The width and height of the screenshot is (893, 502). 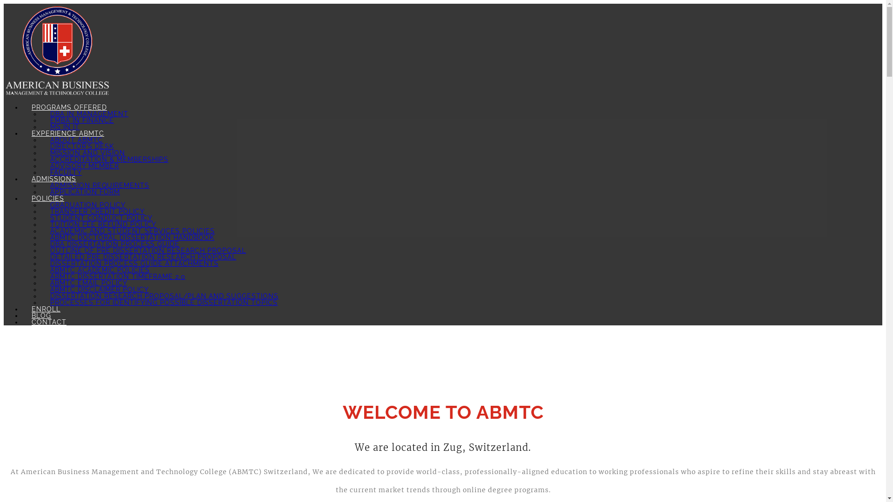 What do you see at coordinates (101, 218) in the screenshot?
I see `'STUDENT CONDUCT POLICY'` at bounding box center [101, 218].